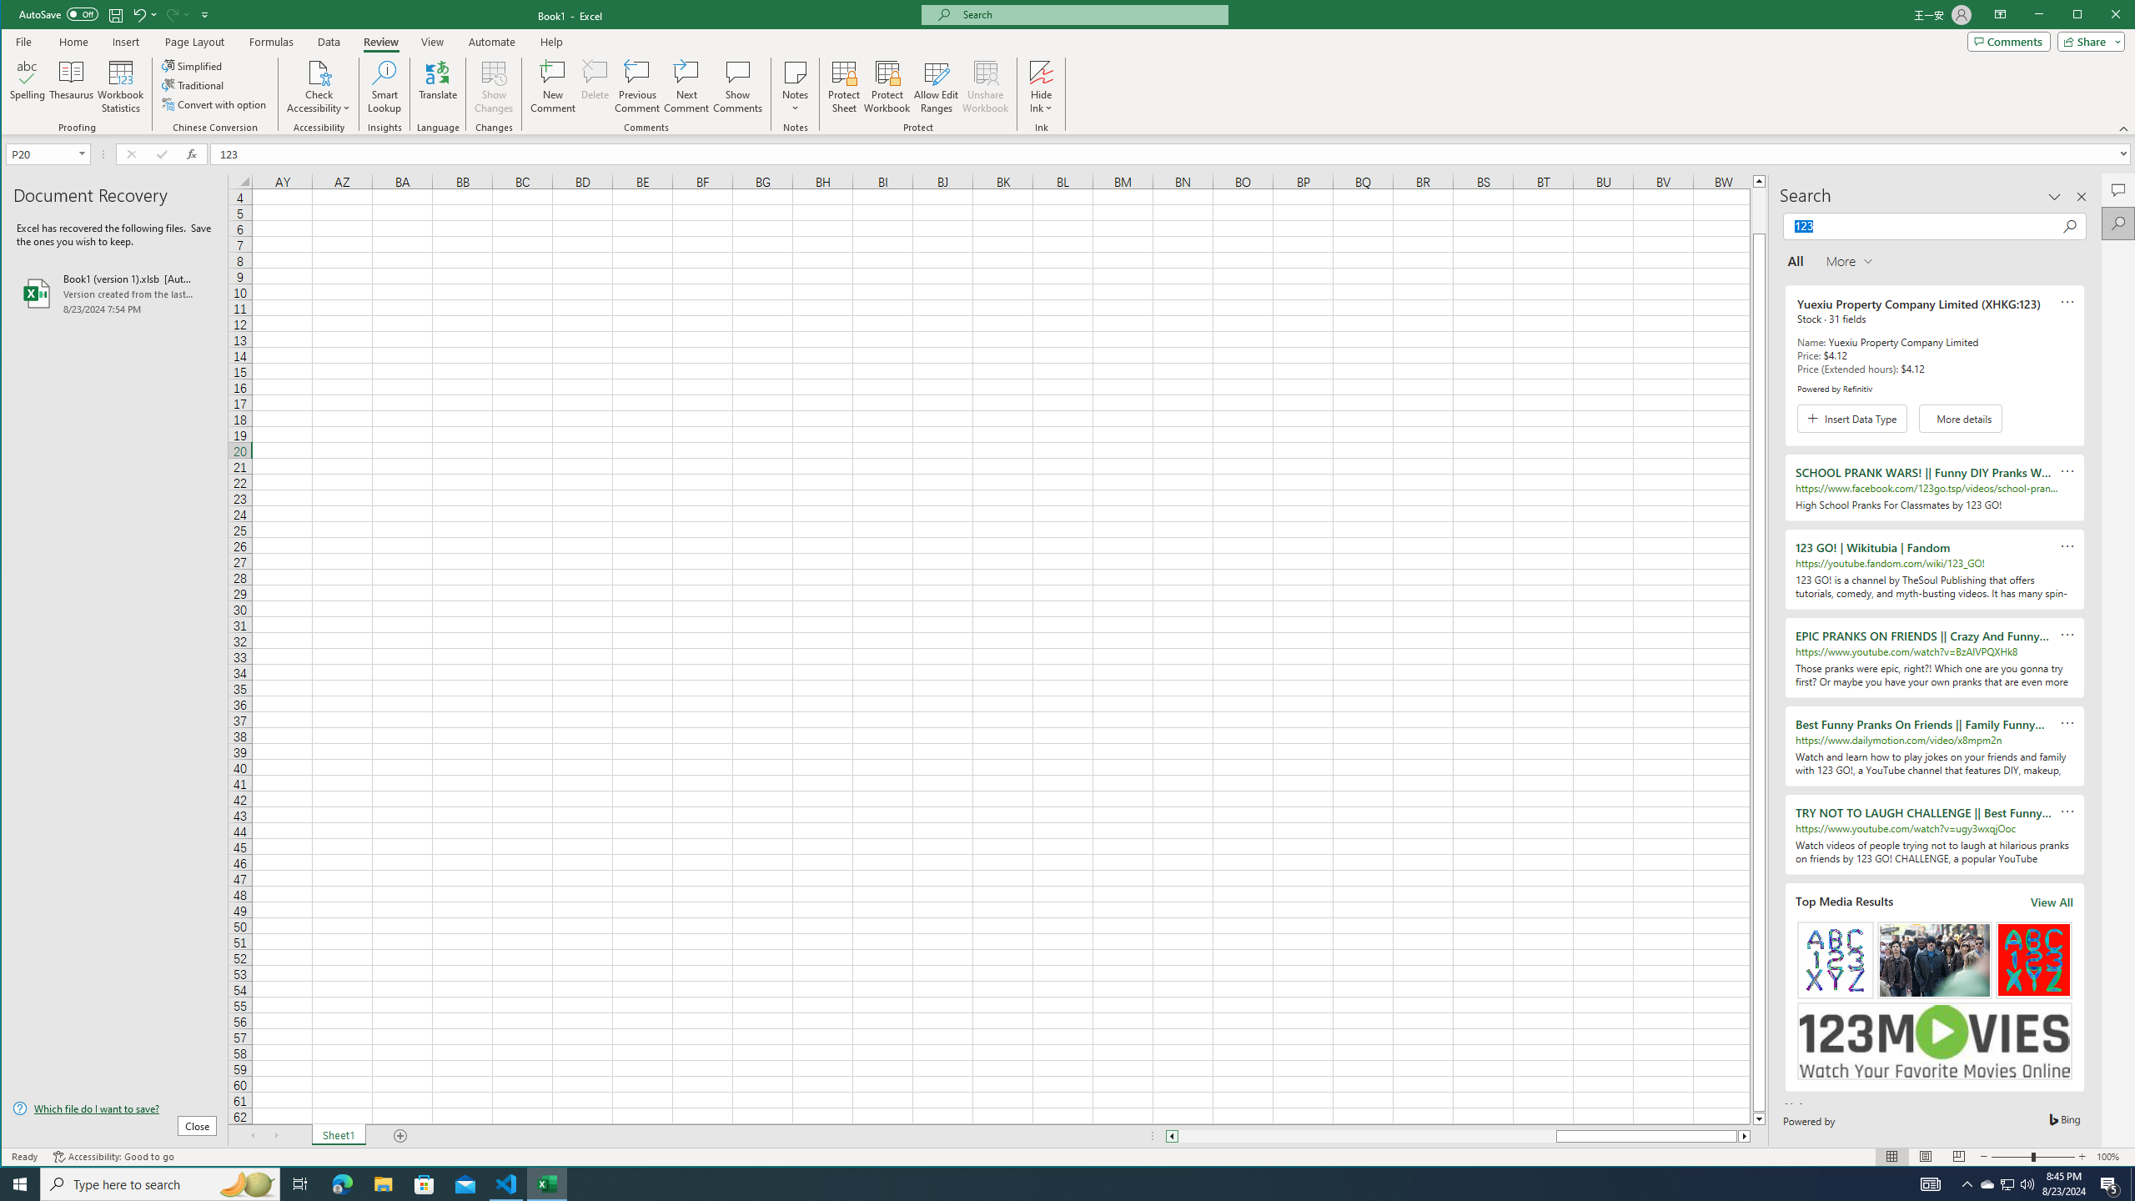 The width and height of the screenshot is (2135, 1201). I want to click on 'Normal', so click(1891, 1156).